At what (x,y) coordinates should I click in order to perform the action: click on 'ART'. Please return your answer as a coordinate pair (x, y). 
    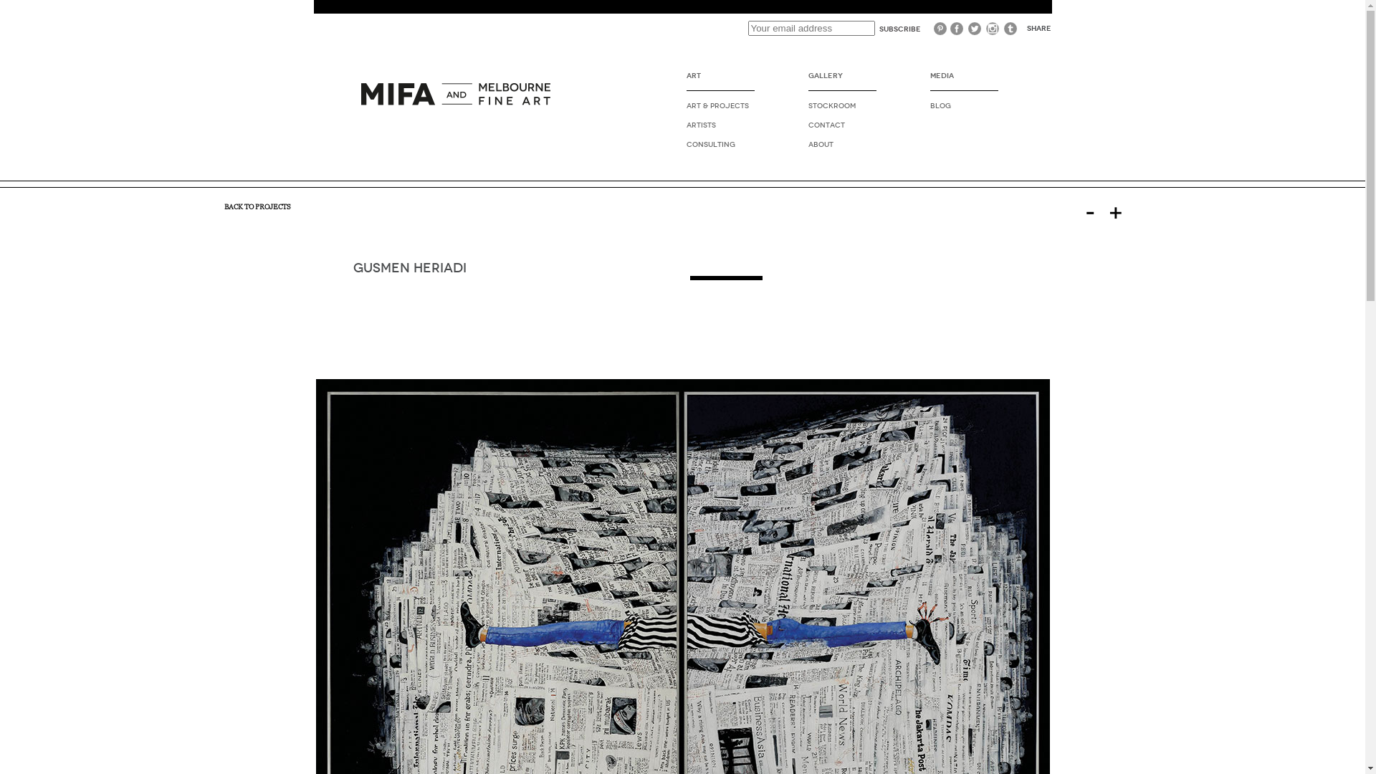
    Looking at the image, I should click on (720, 80).